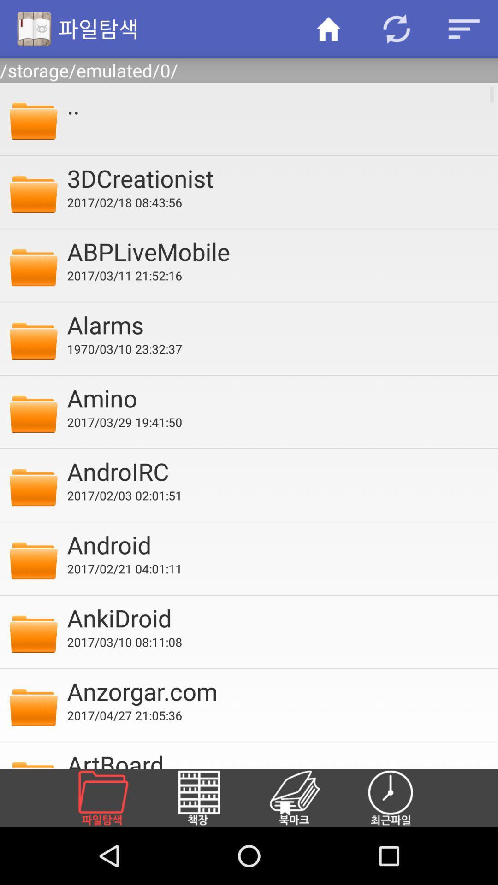  I want to click on the icon below the 2017 03 10 app, so click(276, 691).